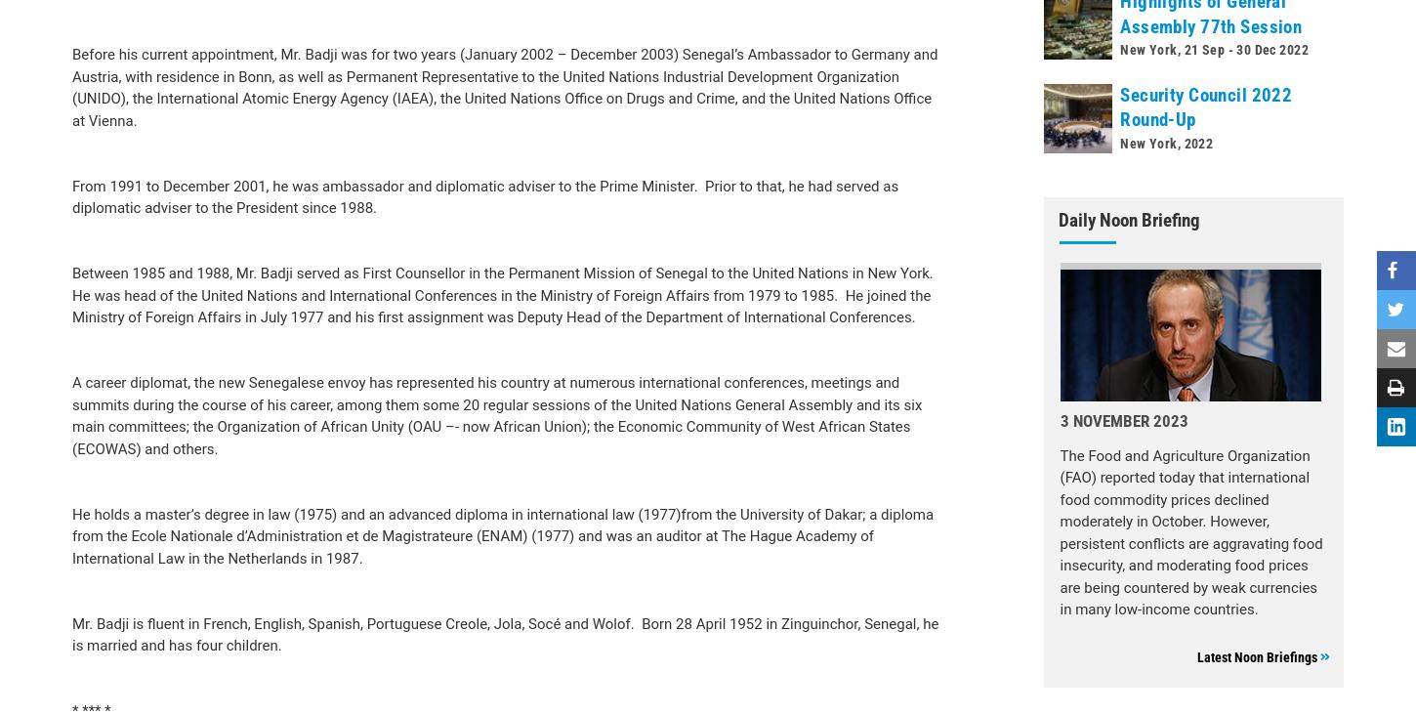 The width and height of the screenshot is (1416, 715). I want to click on 'He holds a master’s degree in law (1975) and an advanced diploma in international law (1977)from the University of Dakar; a diploma from the Ecole Nationale d’Administration et de Magistrateure (ENAM) (1977) and was an auditor at The Hague Academy of International Law in the Netherlands in 1987.', so click(503, 351).